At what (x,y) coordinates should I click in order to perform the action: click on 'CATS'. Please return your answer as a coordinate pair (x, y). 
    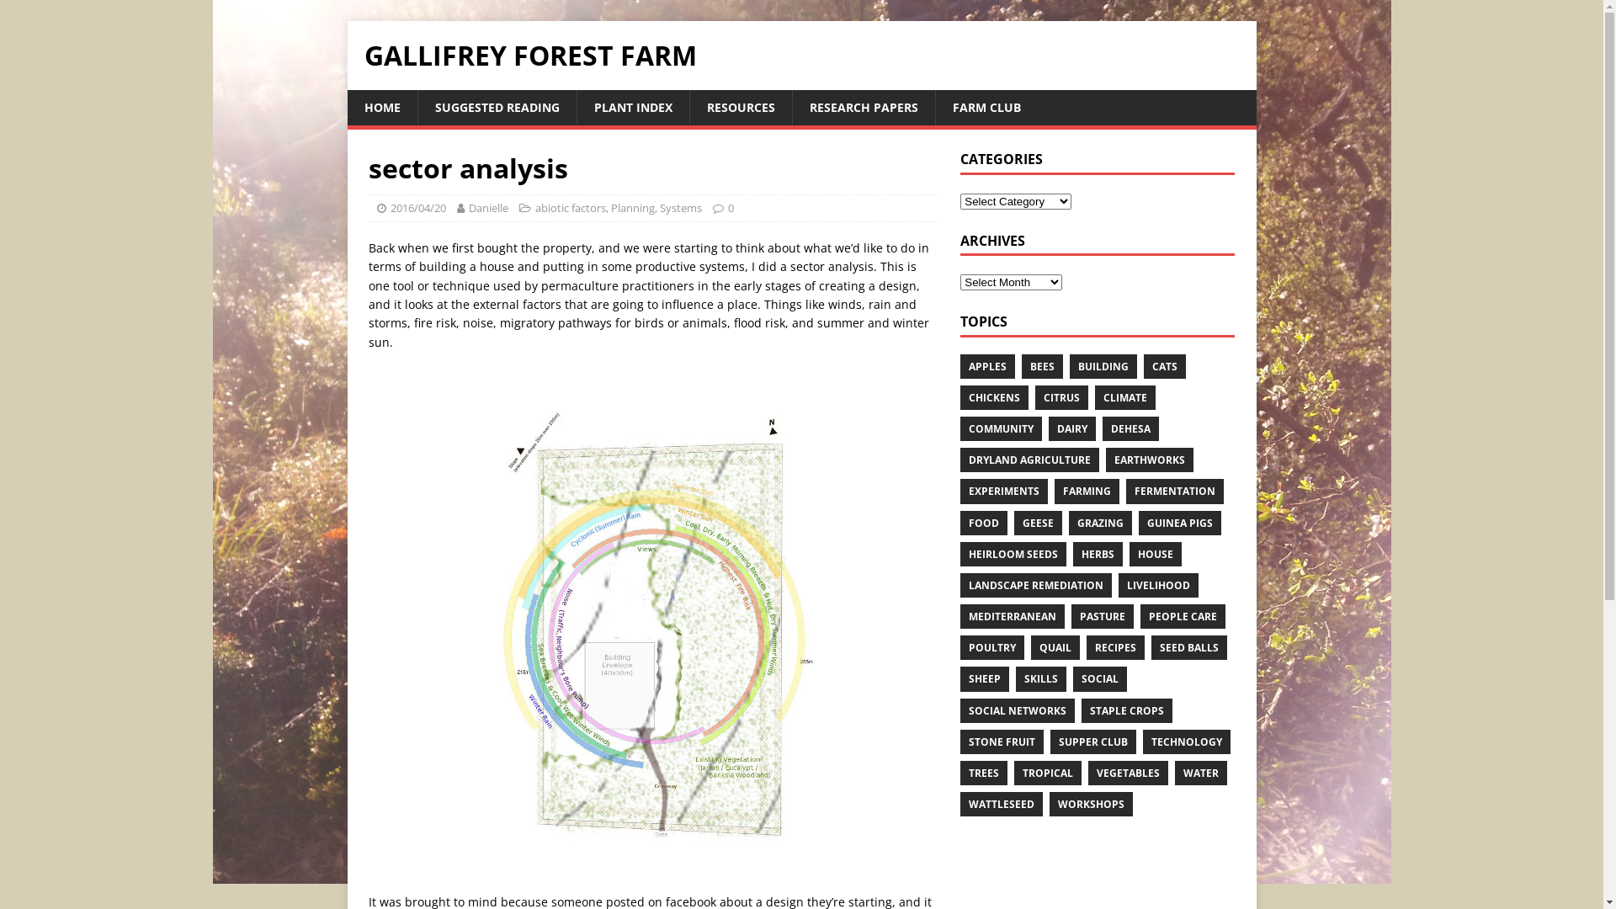
    Looking at the image, I should click on (1163, 365).